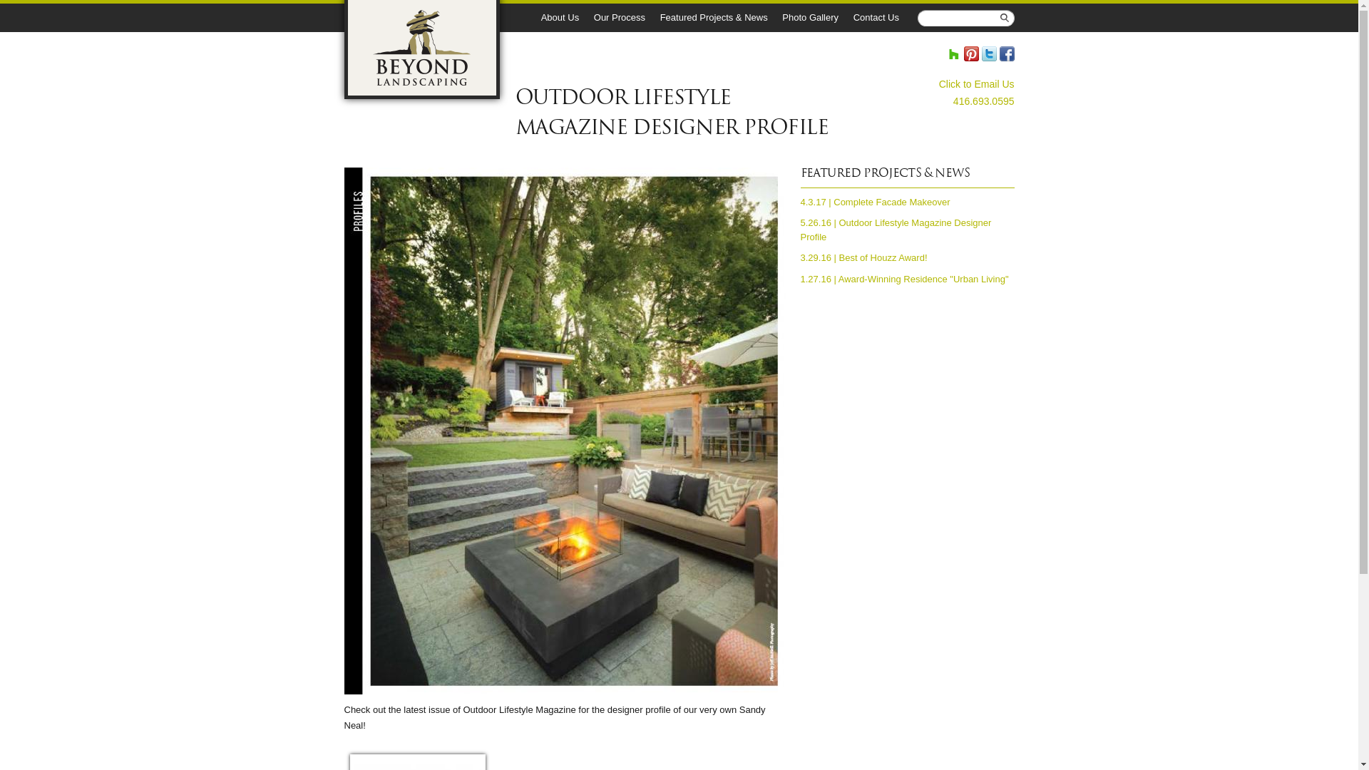  Describe the element at coordinates (874, 202) in the screenshot. I see `'4.3.17 | Complete Facade Makeover'` at that location.